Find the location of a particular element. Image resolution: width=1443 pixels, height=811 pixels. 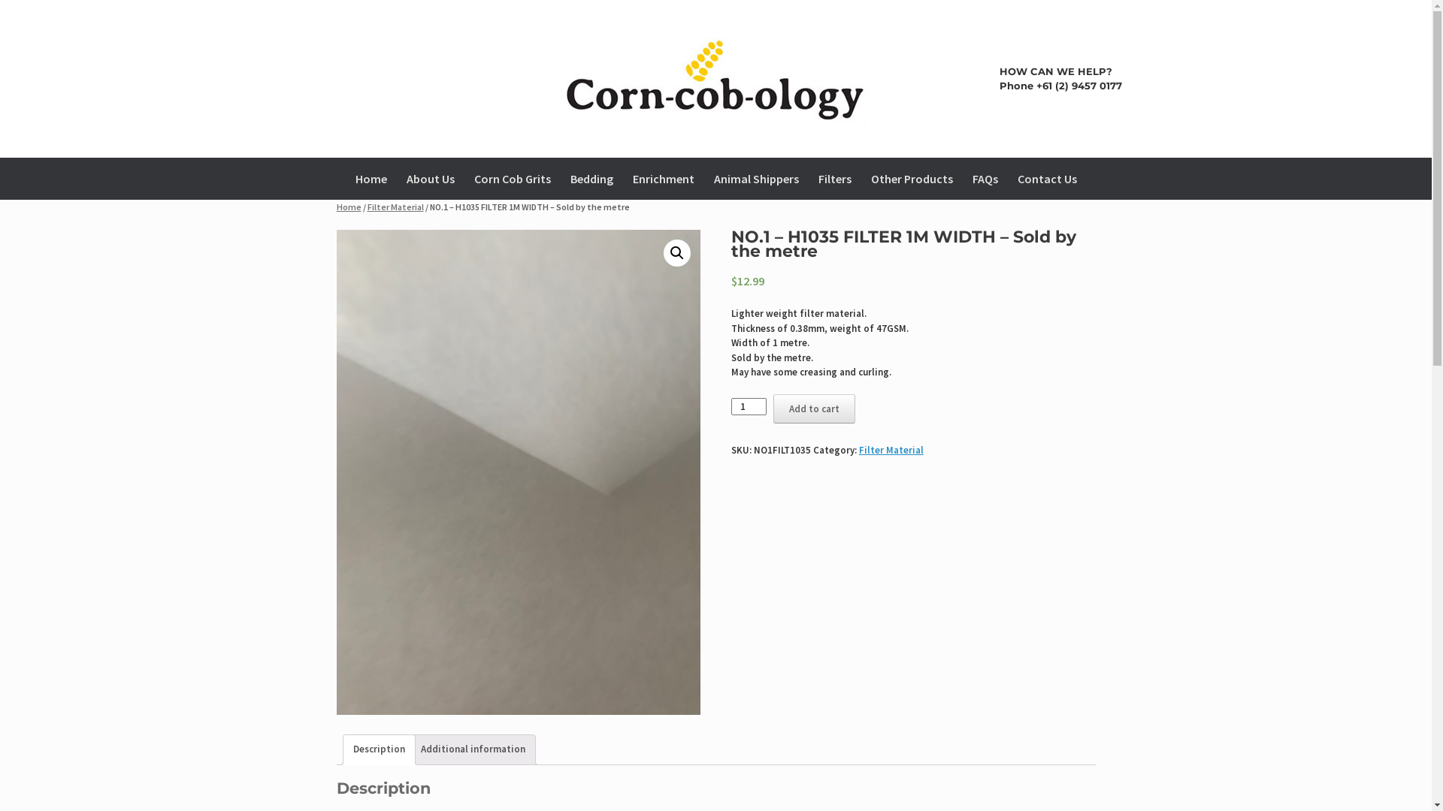

'Enrichment' is located at coordinates (662, 178).